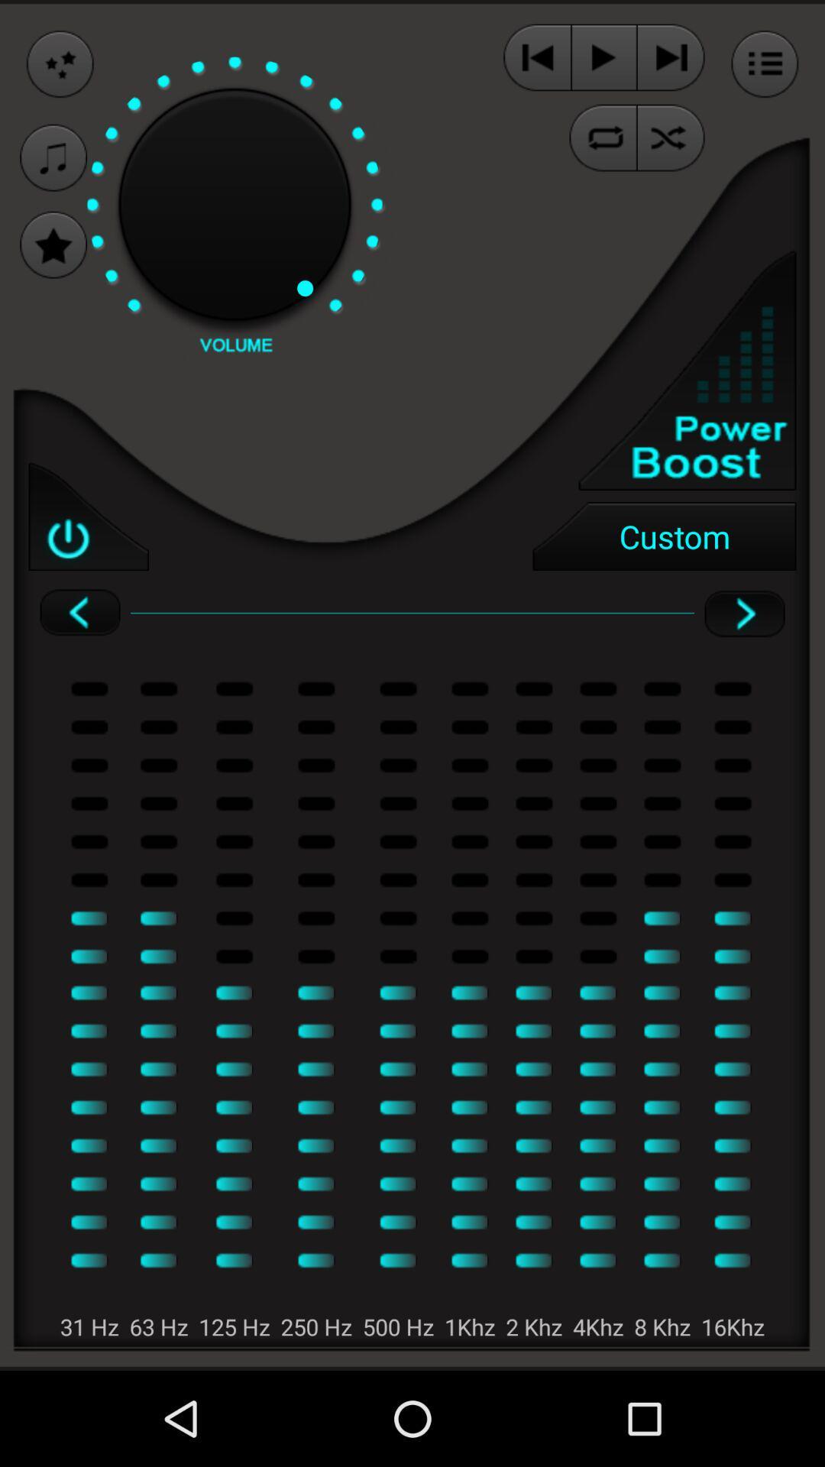  I want to click on the list icon, so click(765, 67).